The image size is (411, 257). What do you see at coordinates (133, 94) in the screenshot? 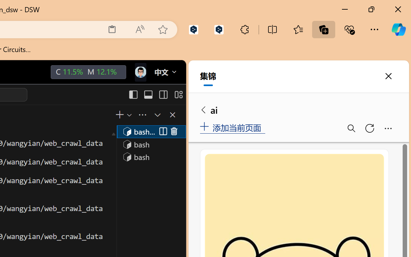
I see `'Toggle Primary Side Bar (Ctrl+B)'` at bounding box center [133, 94].